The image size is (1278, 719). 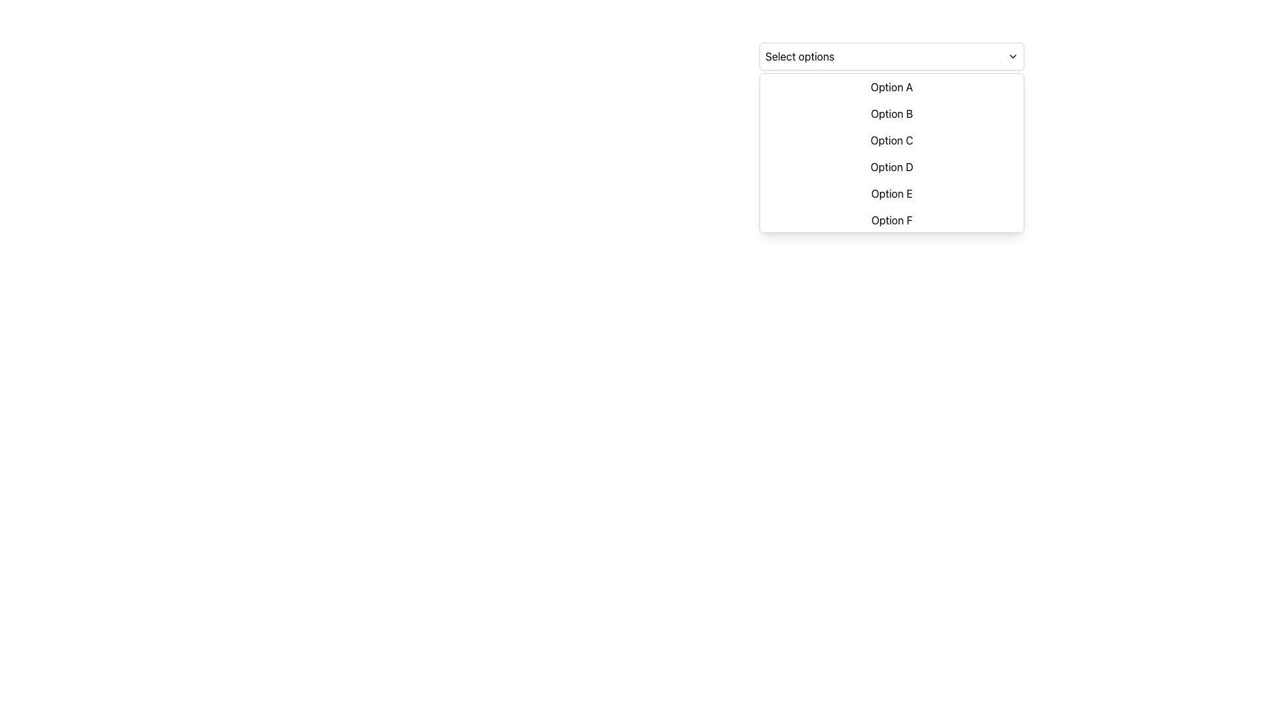 I want to click on the dropdown menu item labeled 'Option D', so click(x=891, y=166).